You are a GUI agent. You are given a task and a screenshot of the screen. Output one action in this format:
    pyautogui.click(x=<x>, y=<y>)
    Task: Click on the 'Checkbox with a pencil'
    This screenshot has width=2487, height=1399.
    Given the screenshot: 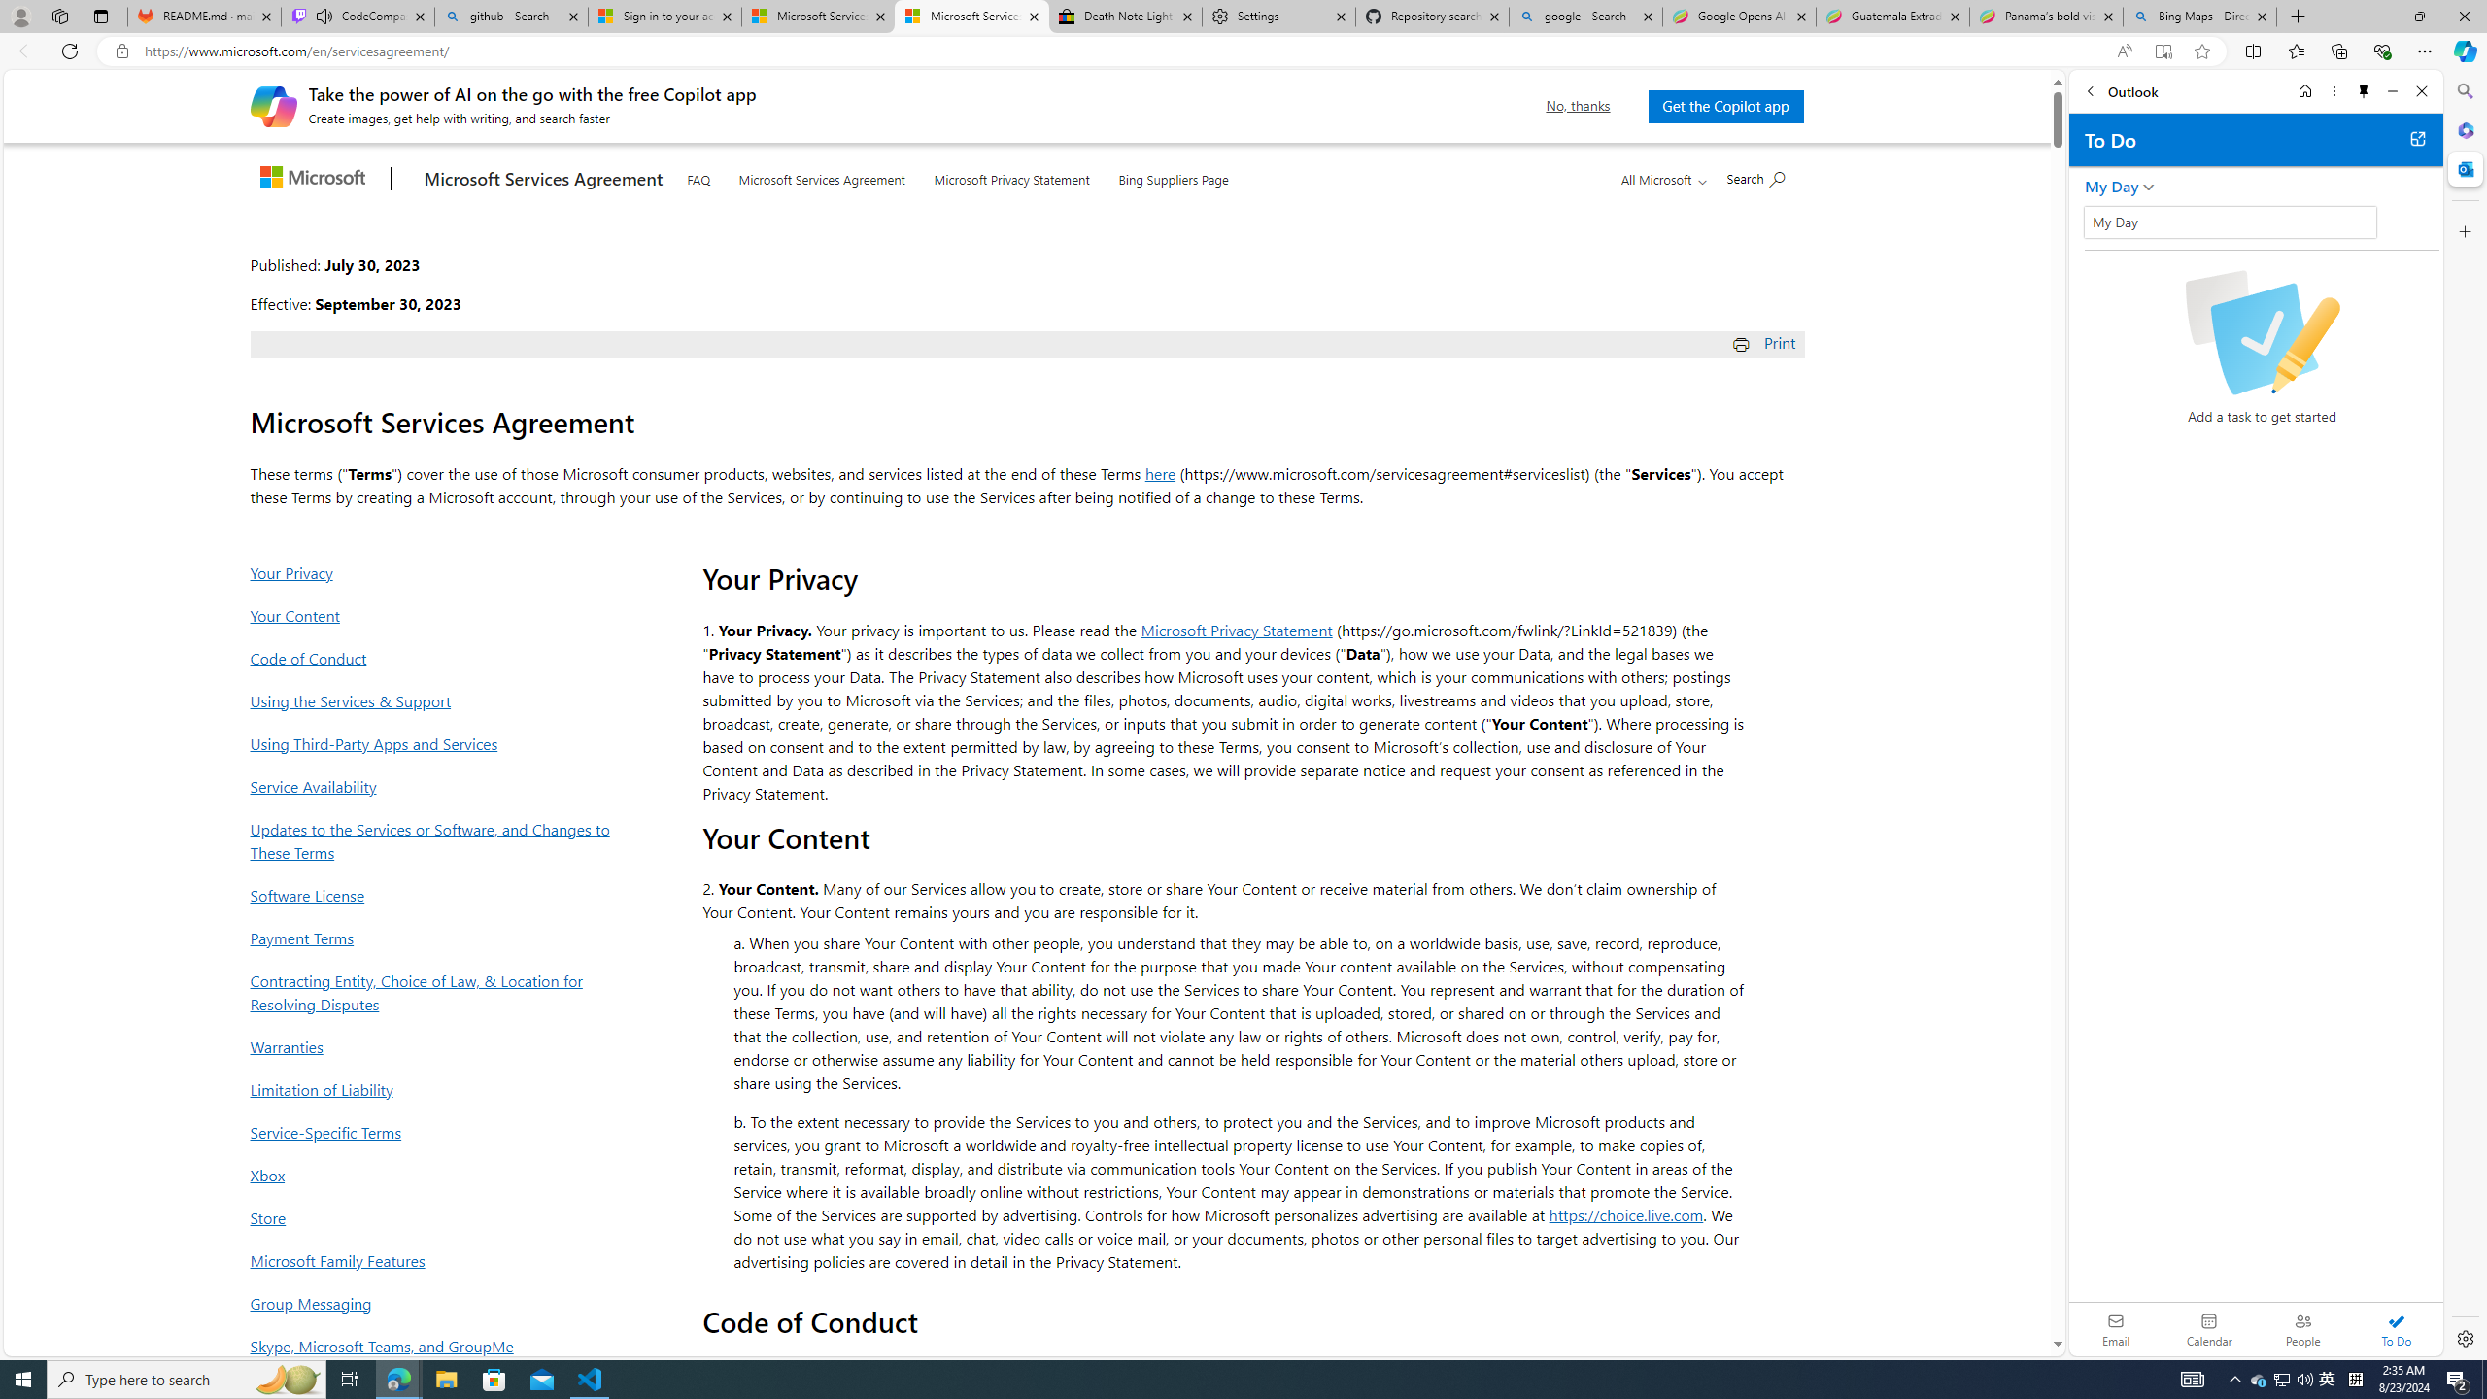 What is the action you would take?
    pyautogui.click(x=2261, y=331)
    